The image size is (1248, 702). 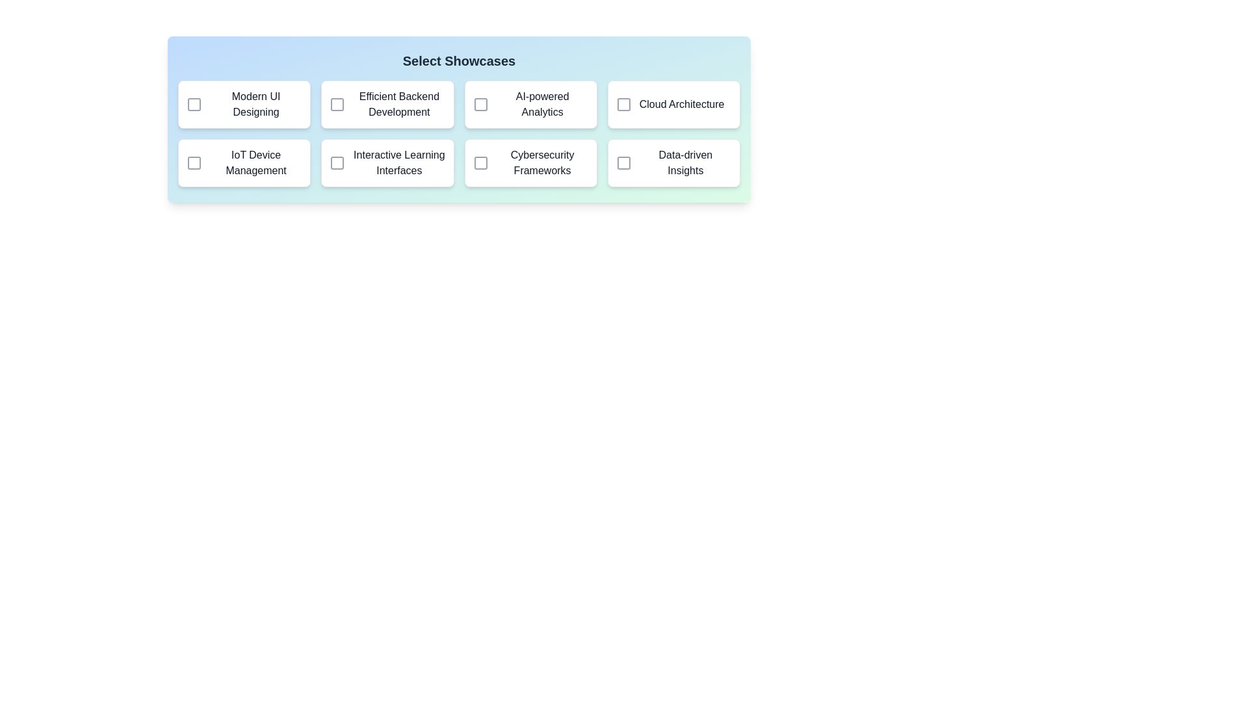 I want to click on the showcase corresponding to Interactive Learning Interfaces, so click(x=337, y=162).